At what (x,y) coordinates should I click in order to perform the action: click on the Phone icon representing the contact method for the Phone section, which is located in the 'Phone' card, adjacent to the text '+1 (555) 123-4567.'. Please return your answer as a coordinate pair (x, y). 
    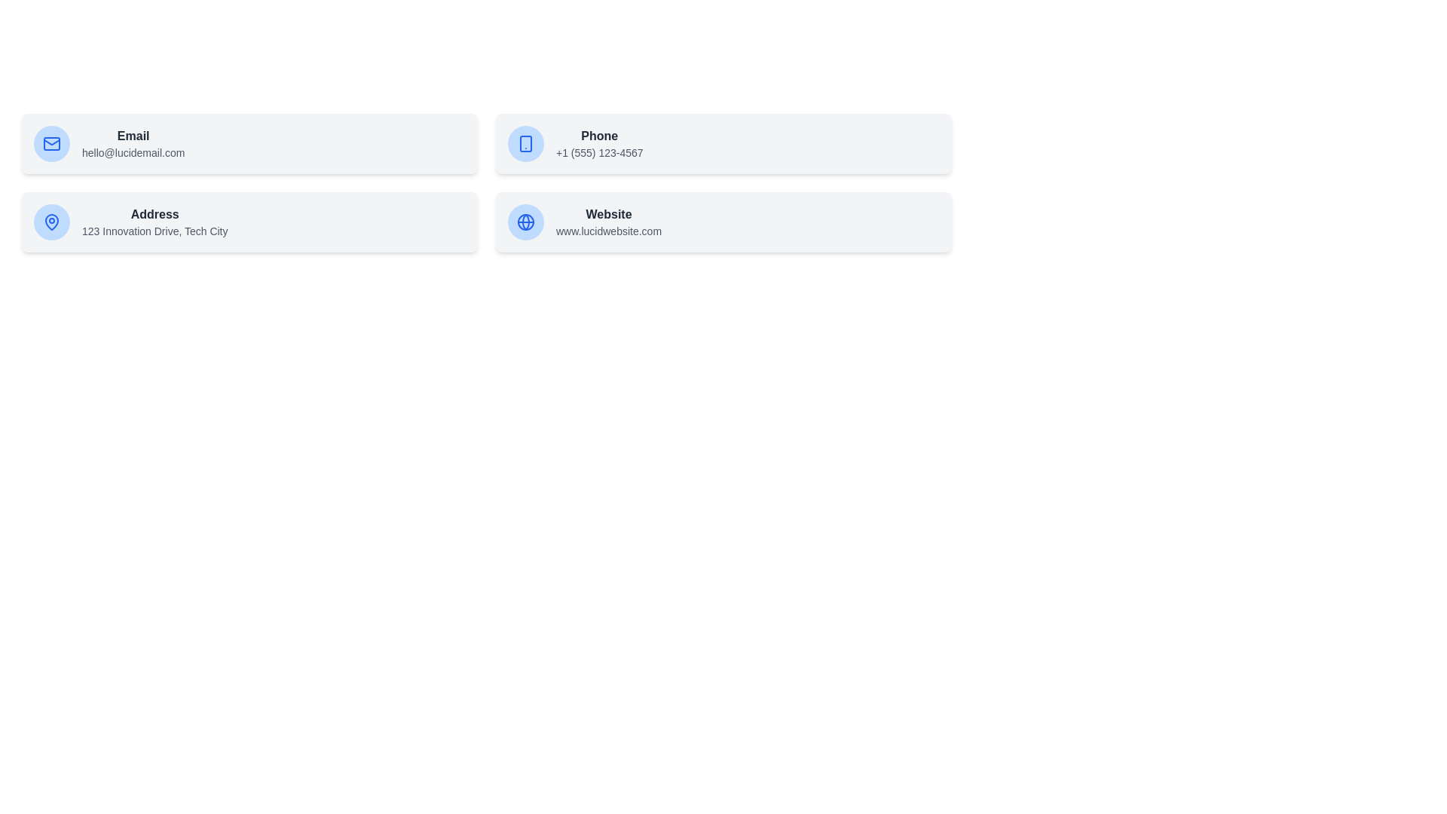
    Looking at the image, I should click on (525, 144).